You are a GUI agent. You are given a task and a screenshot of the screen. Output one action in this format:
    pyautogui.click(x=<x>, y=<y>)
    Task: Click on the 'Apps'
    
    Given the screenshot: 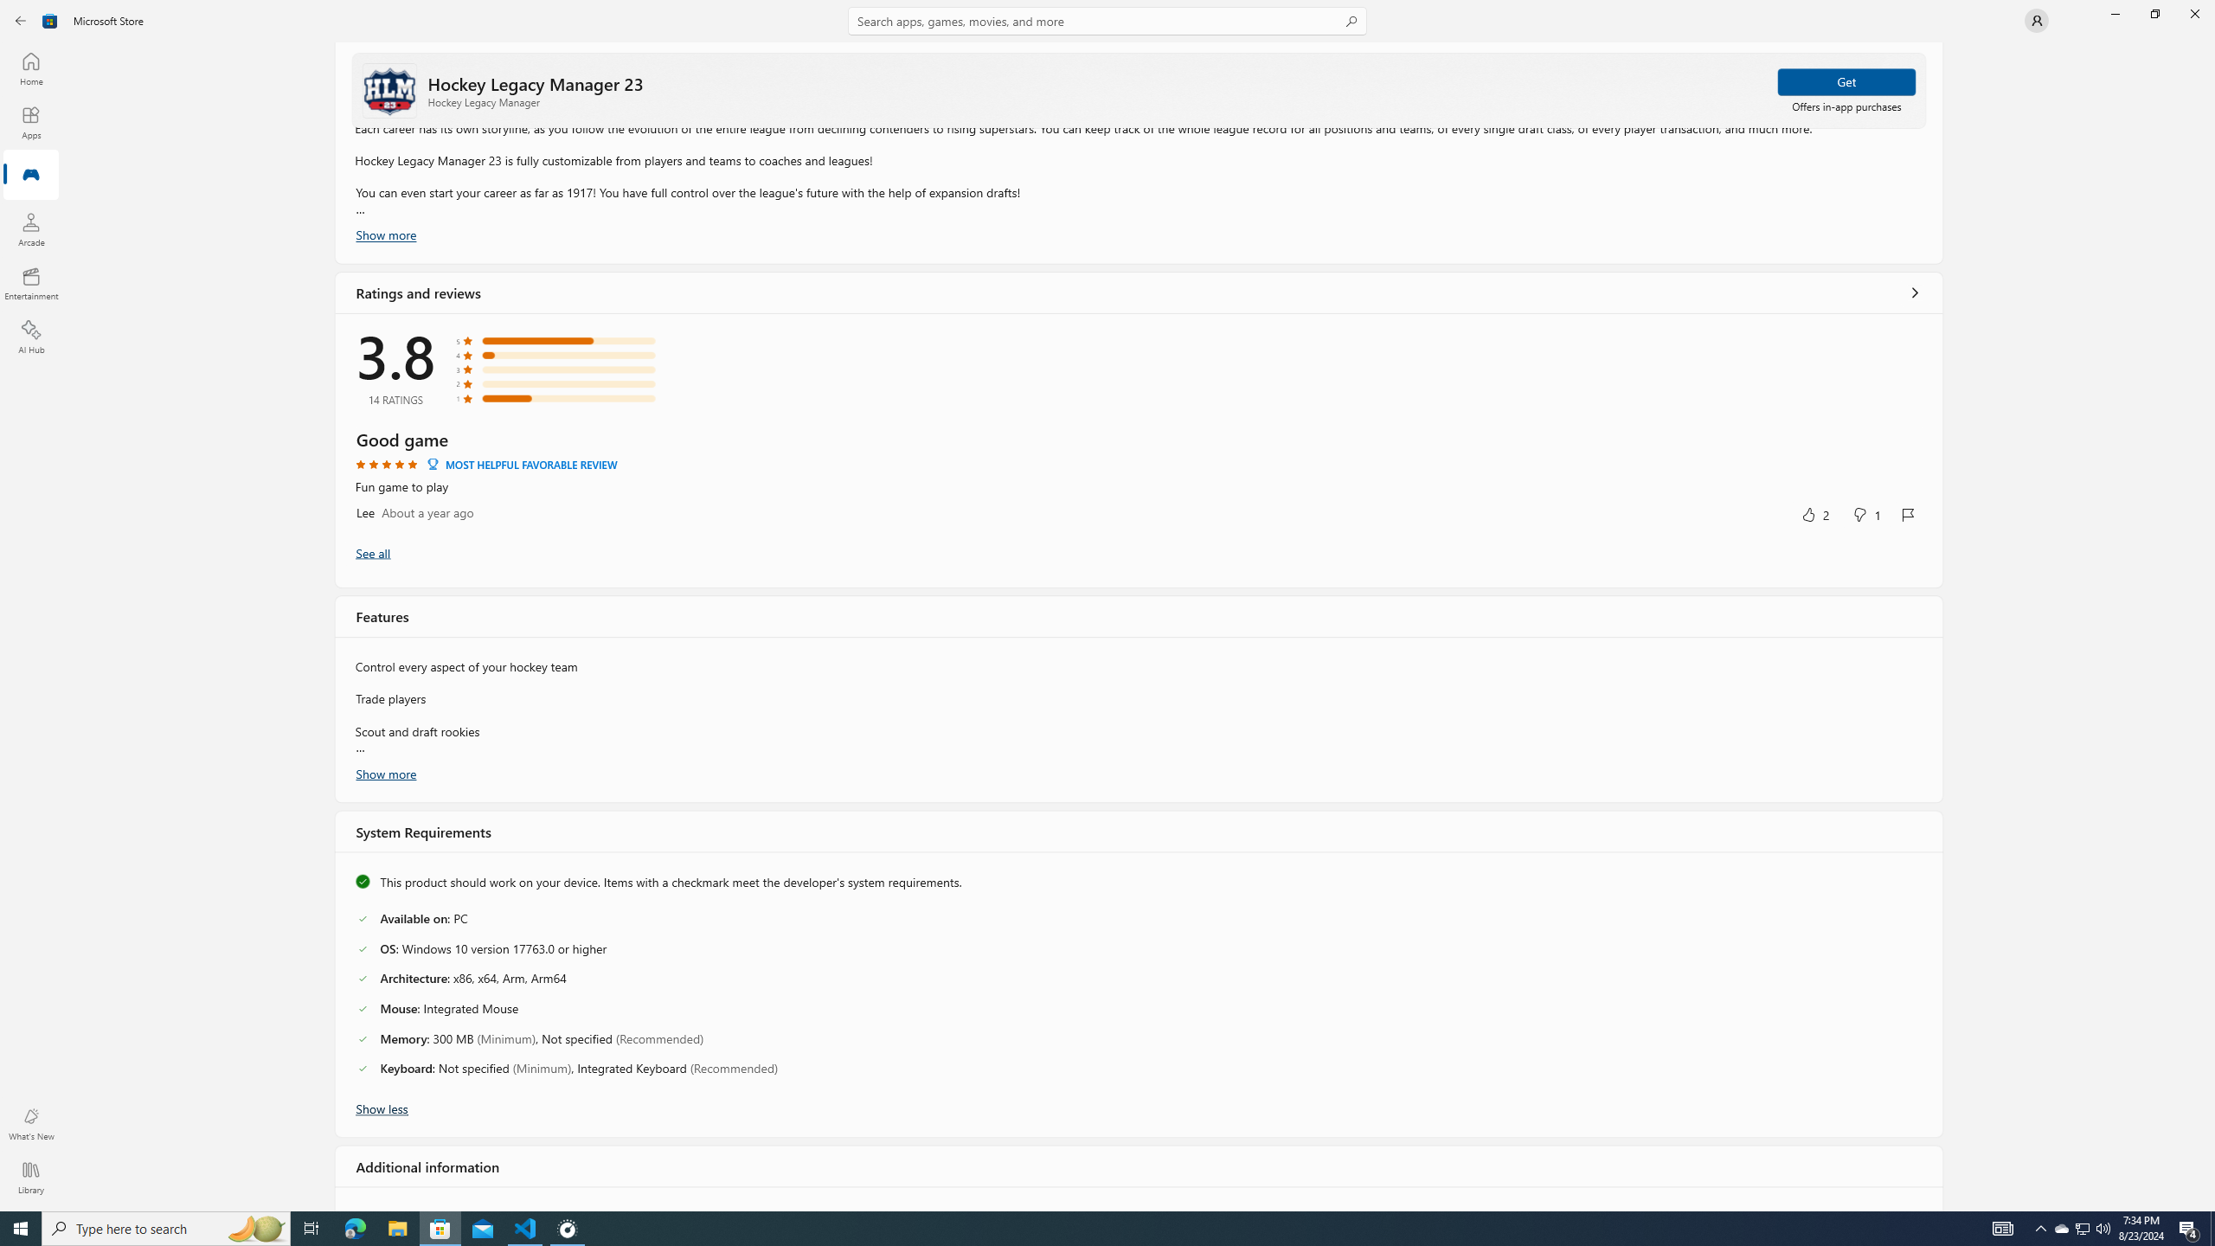 What is the action you would take?
    pyautogui.click(x=29, y=122)
    